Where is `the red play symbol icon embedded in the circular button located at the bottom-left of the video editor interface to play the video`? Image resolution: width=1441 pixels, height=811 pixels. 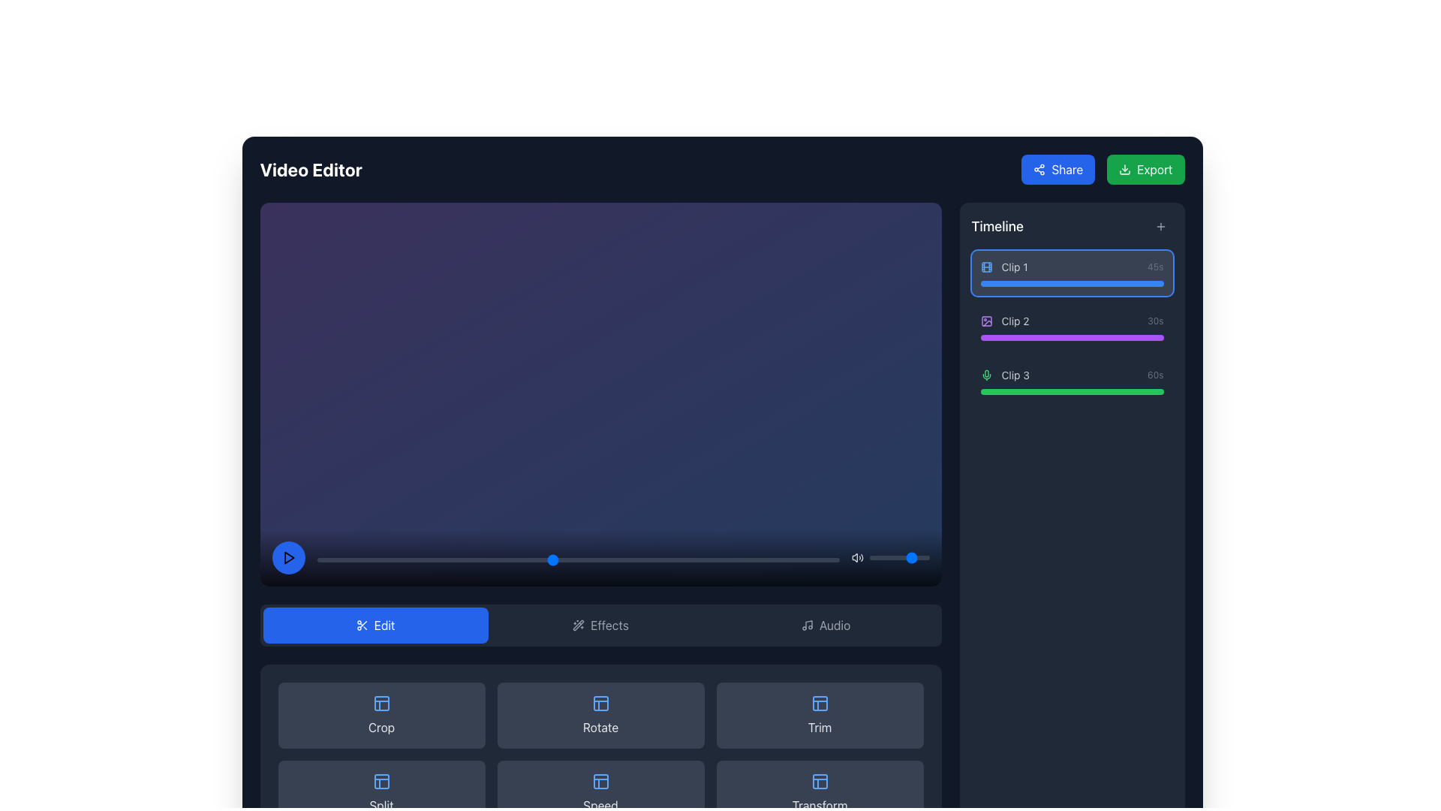
the red play symbol icon embedded in the circular button located at the bottom-left of the video editor interface to play the video is located at coordinates (289, 557).